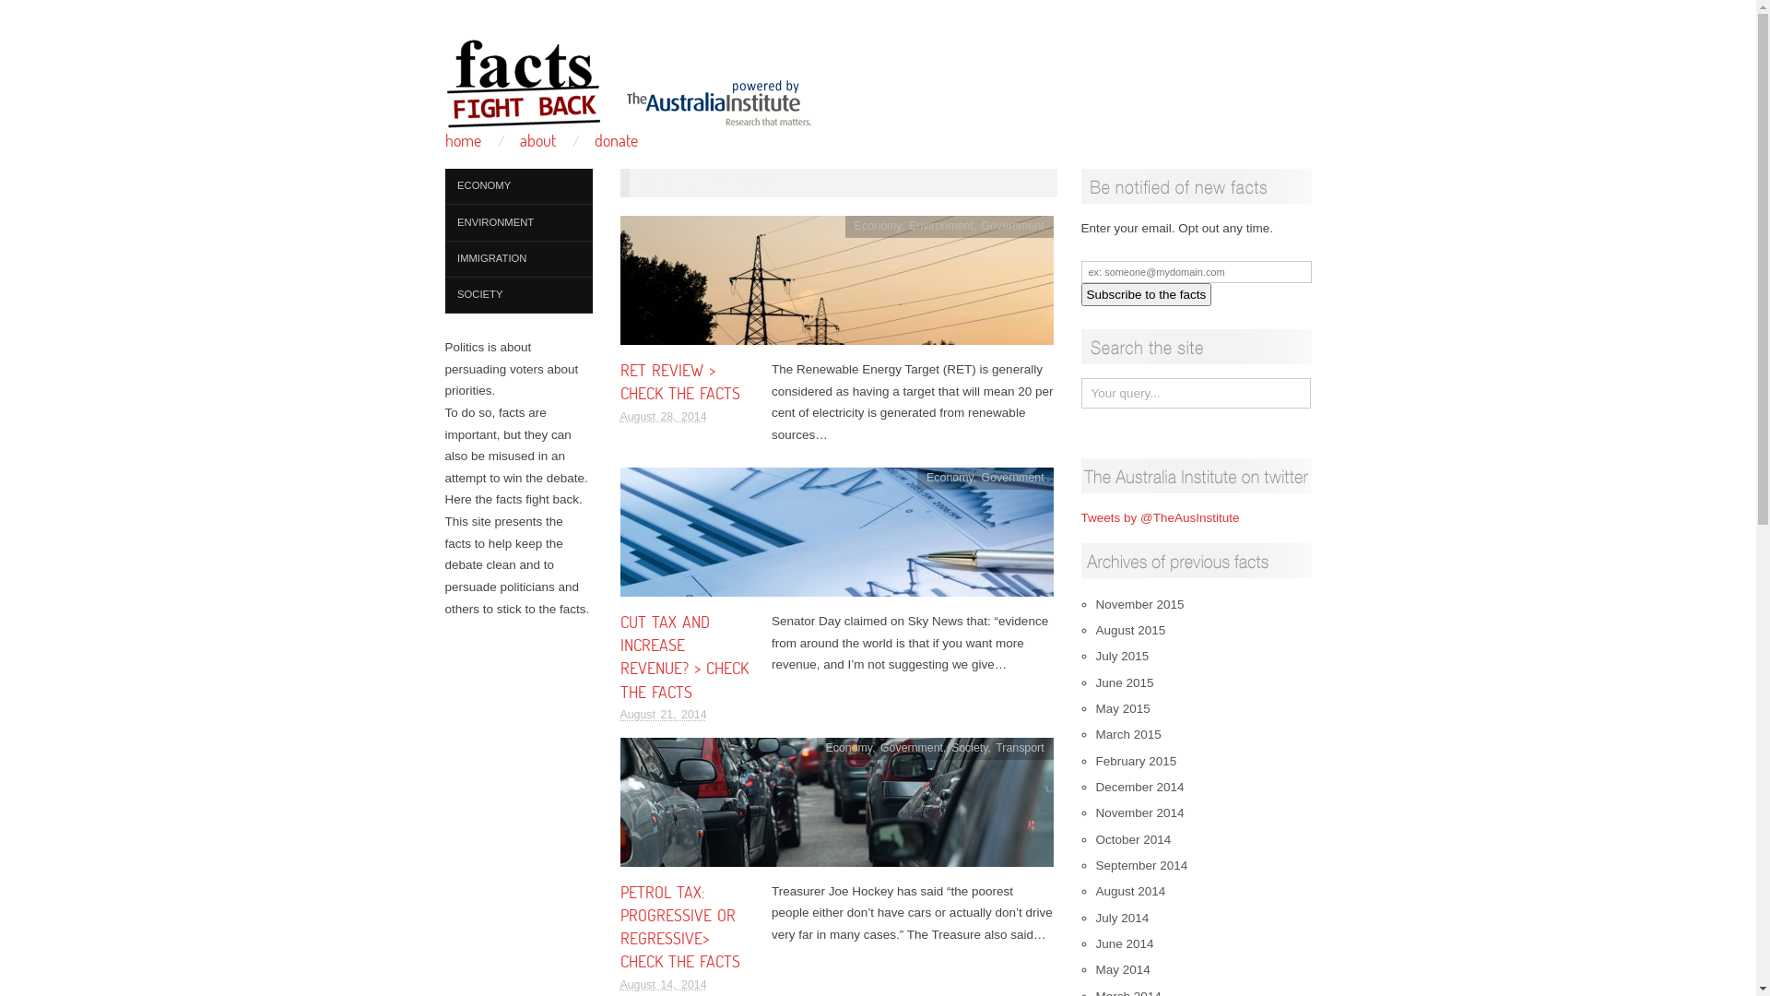 The width and height of the screenshot is (1770, 996). What do you see at coordinates (1121, 655) in the screenshot?
I see `'July 2015'` at bounding box center [1121, 655].